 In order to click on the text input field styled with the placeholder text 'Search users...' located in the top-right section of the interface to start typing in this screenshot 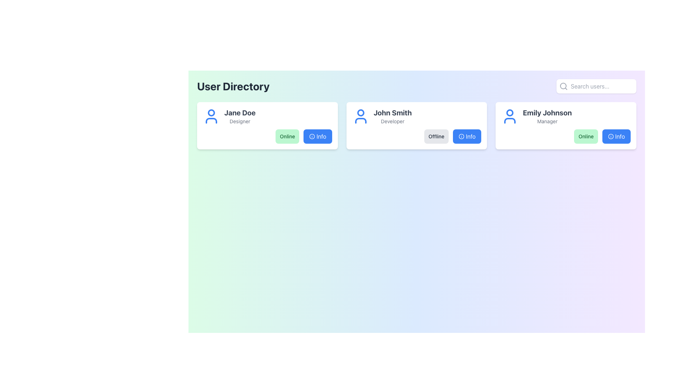, I will do `click(602, 86)`.